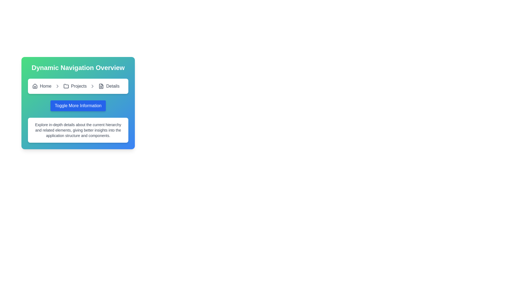 The height and width of the screenshot is (293, 521). What do you see at coordinates (101, 86) in the screenshot?
I see `the 'Details' icon in the breadcrumb navigation bar, which is the third element and aids in identifying the context of the section` at bounding box center [101, 86].